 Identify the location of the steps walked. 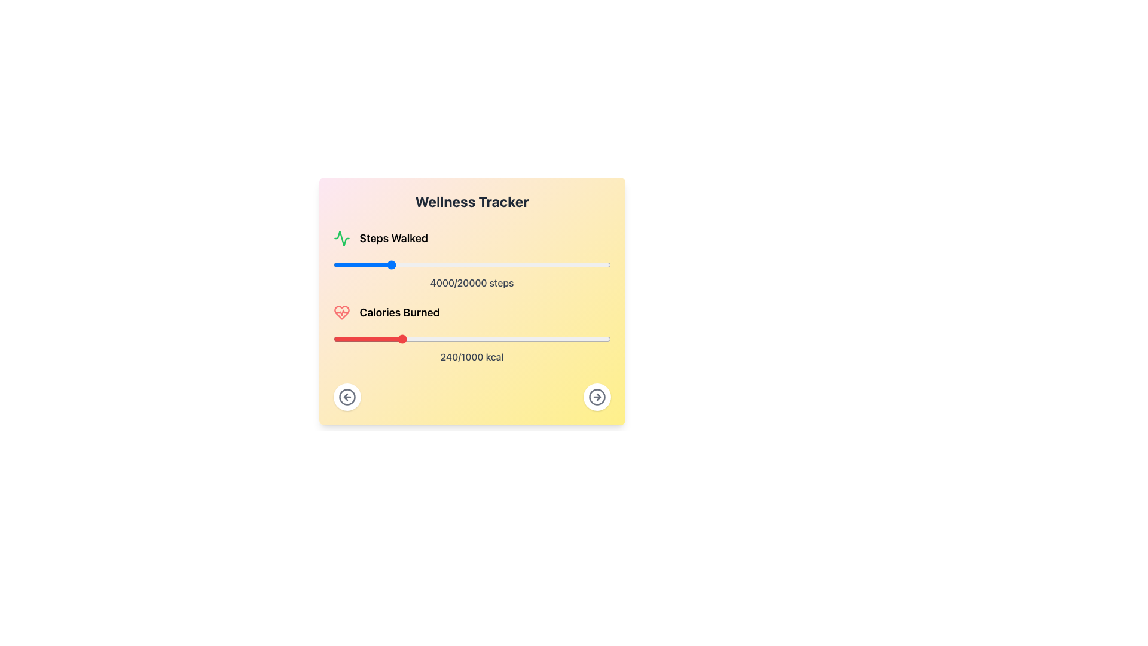
(416, 264).